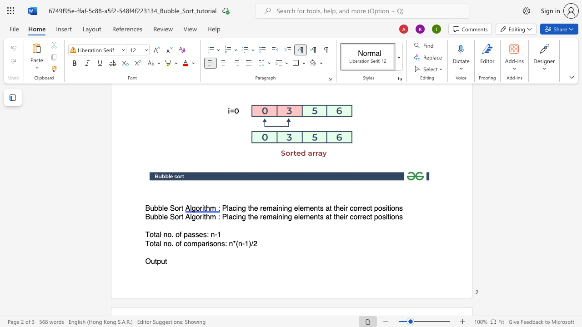  What do you see at coordinates (330, 208) in the screenshot?
I see `the 3th character "t" in the text` at bounding box center [330, 208].